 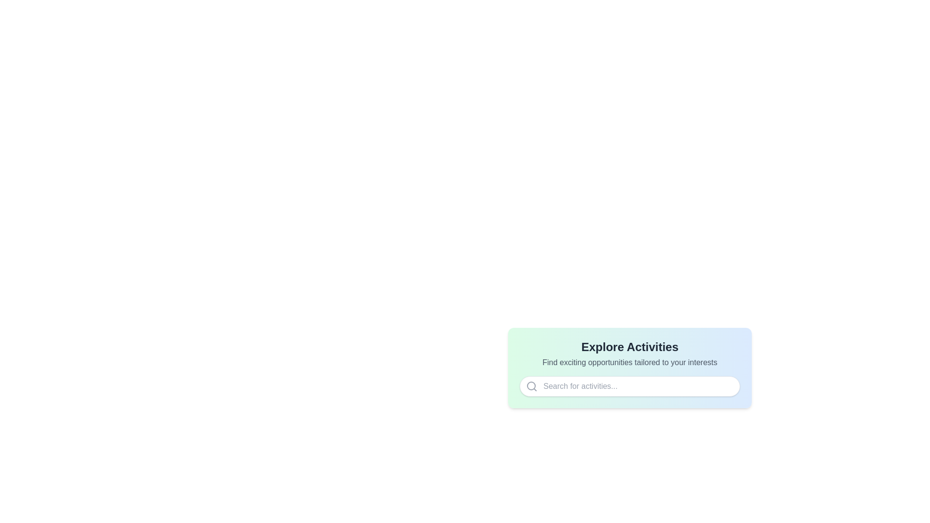 What do you see at coordinates (630, 347) in the screenshot?
I see `the section header text located at the top inside a centered box with a light gradient background, which introduces the content below it` at bounding box center [630, 347].